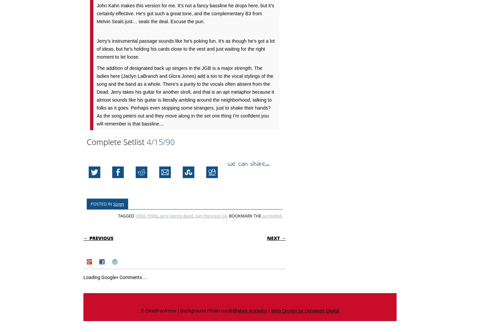 This screenshot has height=332, width=480. Describe the element at coordinates (102, 204) in the screenshot. I see `'Posted in'` at that location.